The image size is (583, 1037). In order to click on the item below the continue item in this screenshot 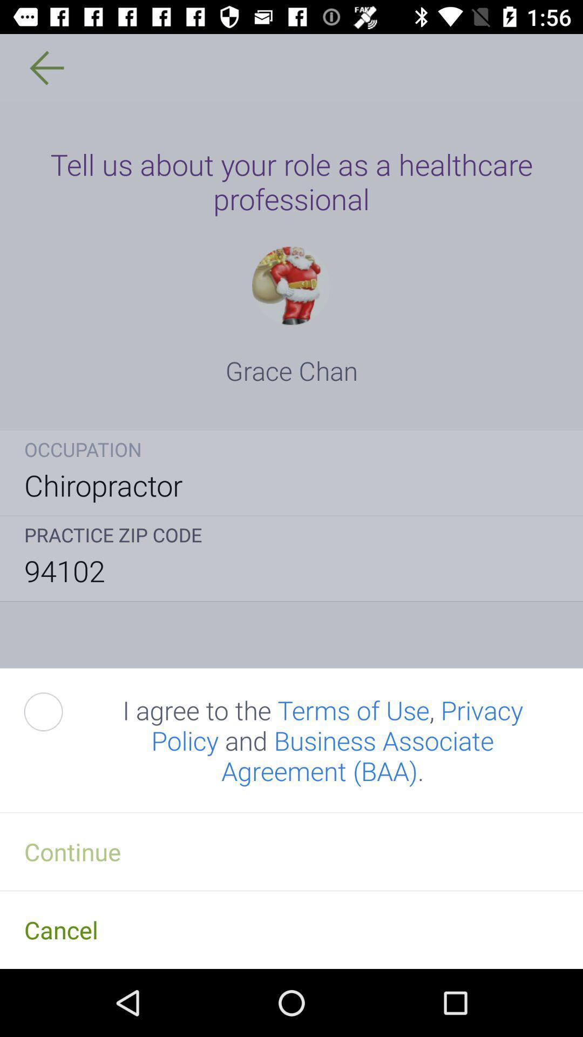, I will do `click(291, 929)`.